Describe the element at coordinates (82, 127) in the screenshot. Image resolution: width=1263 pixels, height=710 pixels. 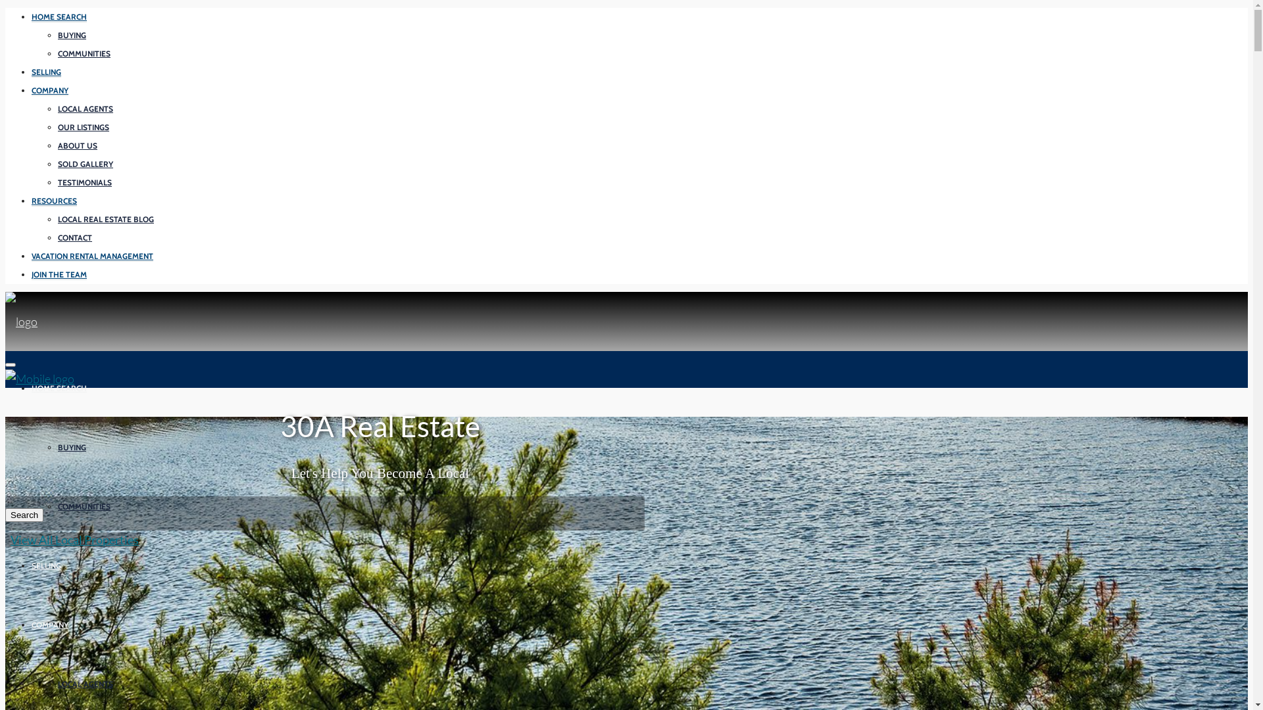
I see `'OUR LISTINGS'` at that location.